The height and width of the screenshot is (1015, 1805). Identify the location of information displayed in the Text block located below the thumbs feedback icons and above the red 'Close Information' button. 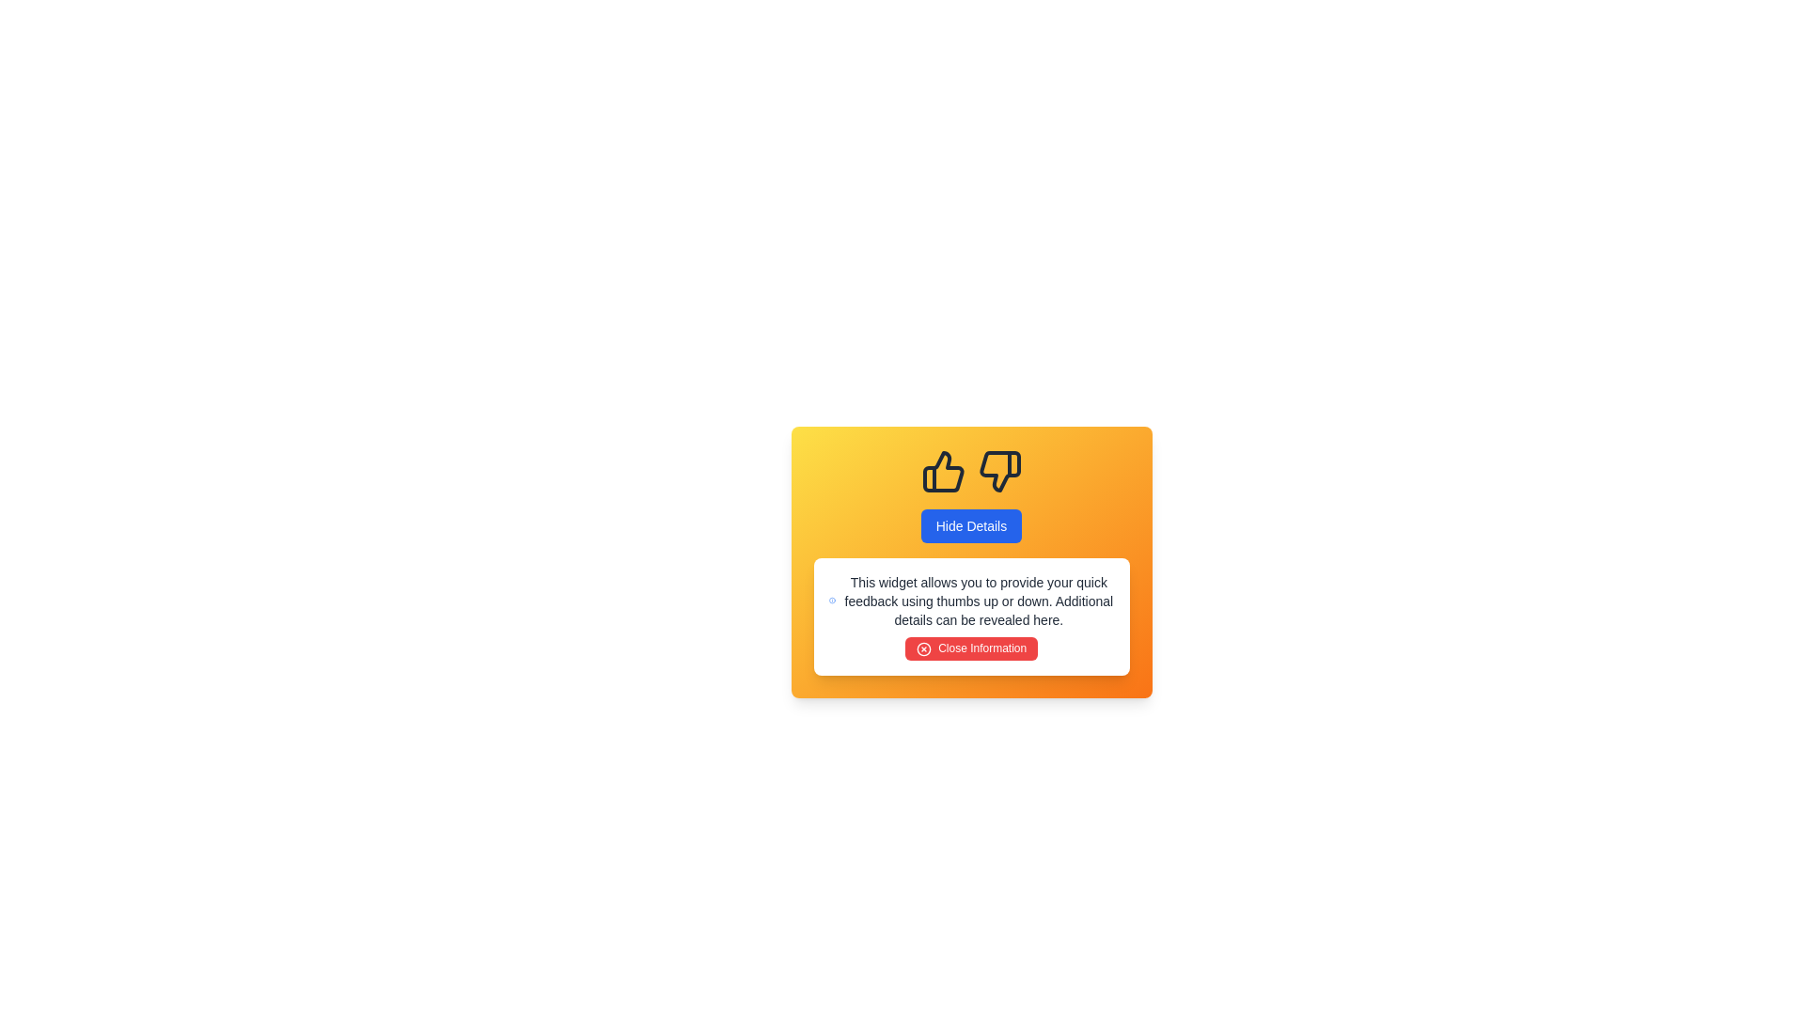
(971, 601).